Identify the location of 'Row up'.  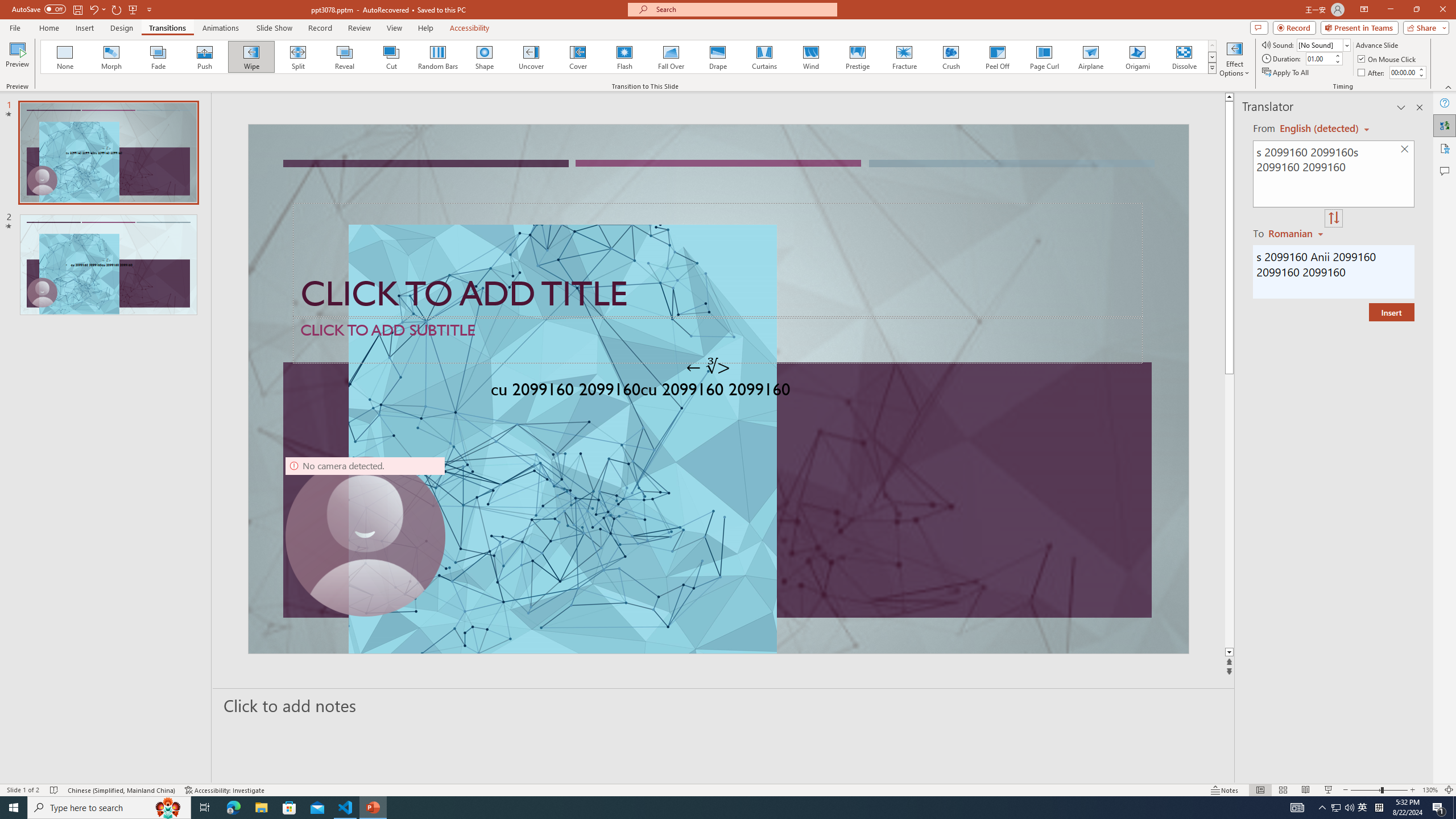
(1212, 45).